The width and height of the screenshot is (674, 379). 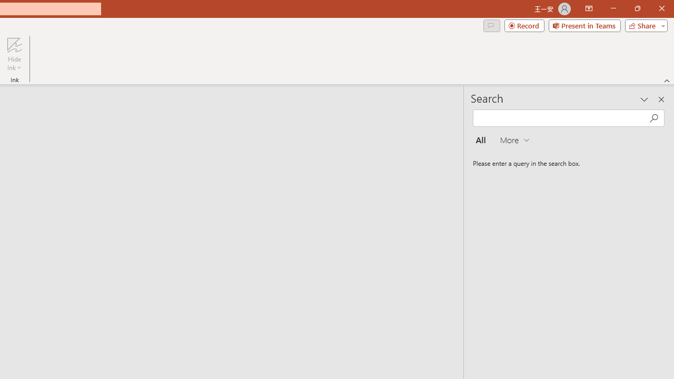 I want to click on 'Hide Ink', so click(x=14, y=44).